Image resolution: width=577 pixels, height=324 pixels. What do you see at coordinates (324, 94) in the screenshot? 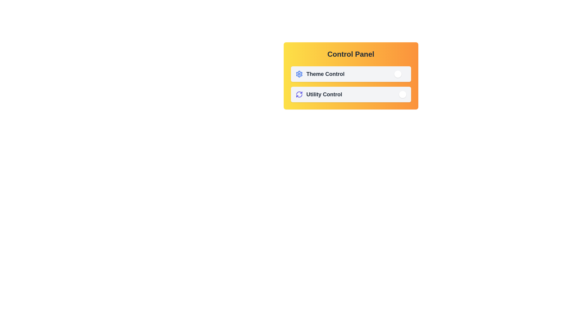
I see `the second text label indicating the utility settings` at bounding box center [324, 94].